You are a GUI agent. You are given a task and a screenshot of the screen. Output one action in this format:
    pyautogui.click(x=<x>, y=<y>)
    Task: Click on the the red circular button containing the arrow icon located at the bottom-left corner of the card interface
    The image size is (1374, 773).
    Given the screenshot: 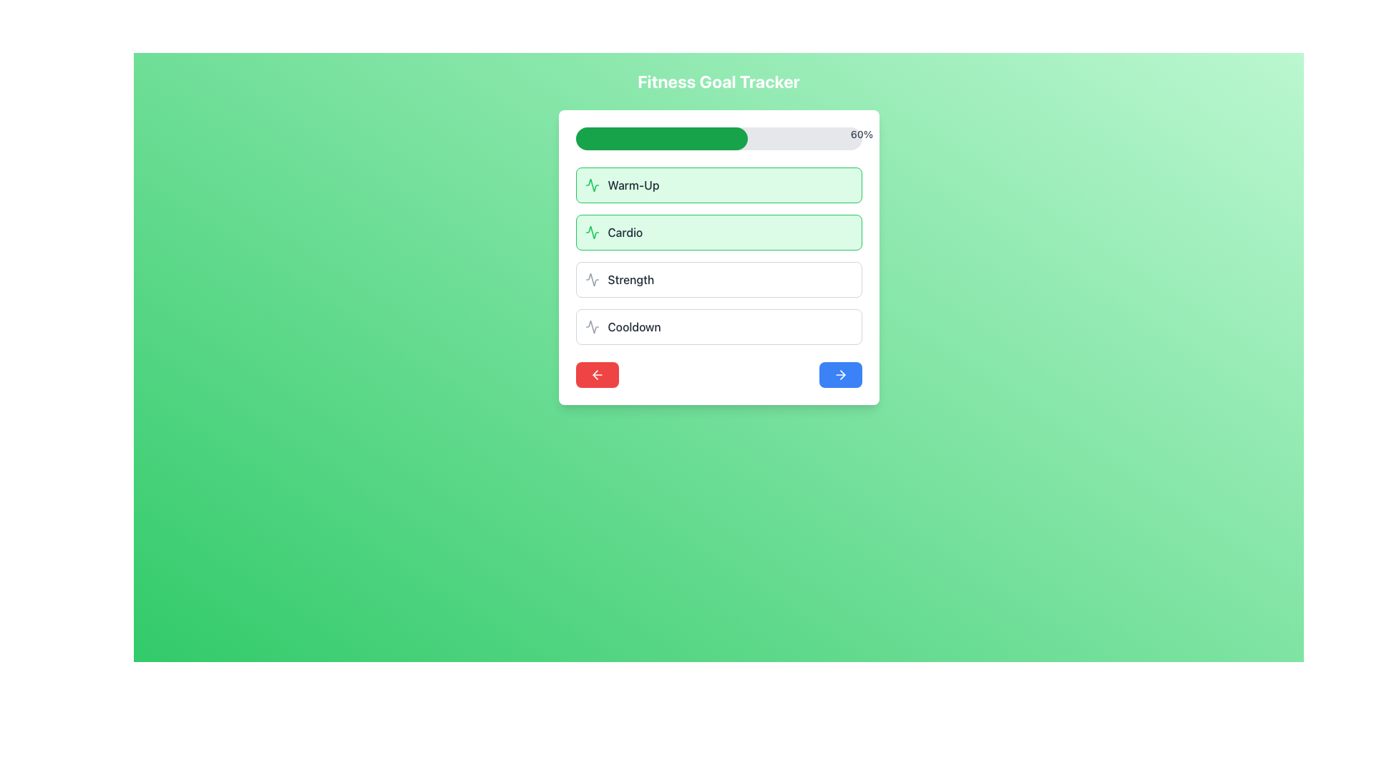 What is the action you would take?
    pyautogui.click(x=597, y=374)
    